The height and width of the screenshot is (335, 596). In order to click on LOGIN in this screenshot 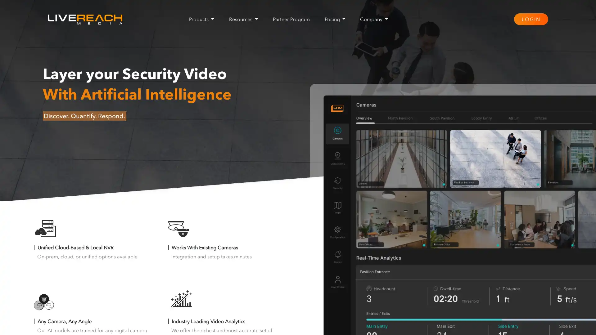, I will do `click(530, 19)`.